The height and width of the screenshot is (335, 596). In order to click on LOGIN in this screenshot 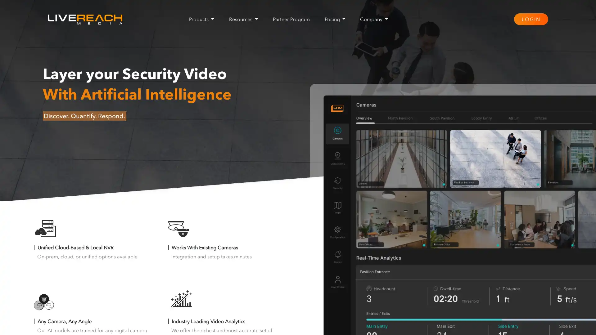, I will do `click(530, 19)`.